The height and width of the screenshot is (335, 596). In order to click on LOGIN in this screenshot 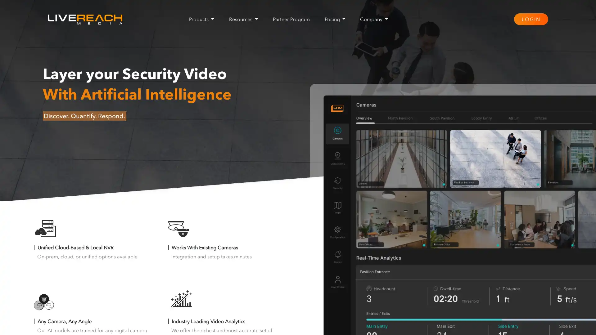, I will do `click(530, 19)`.